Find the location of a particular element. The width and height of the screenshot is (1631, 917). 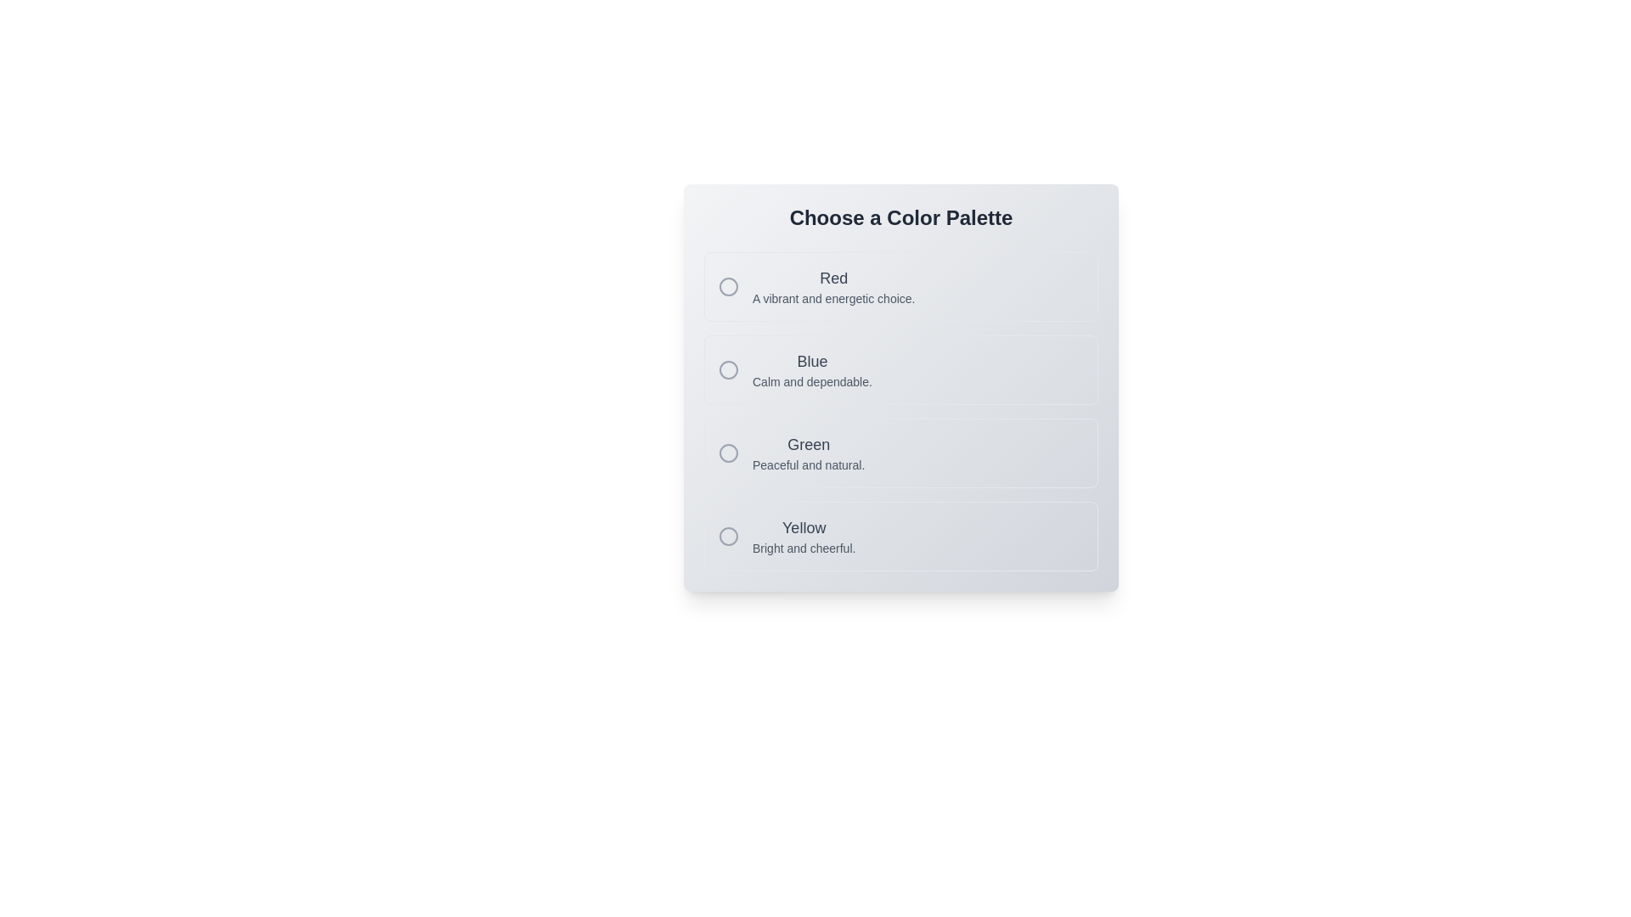

the text label displaying 'Blue', which is part of a selectable list of color options, positioned centrally below 'Red' and above 'Green' is located at coordinates (811, 360).